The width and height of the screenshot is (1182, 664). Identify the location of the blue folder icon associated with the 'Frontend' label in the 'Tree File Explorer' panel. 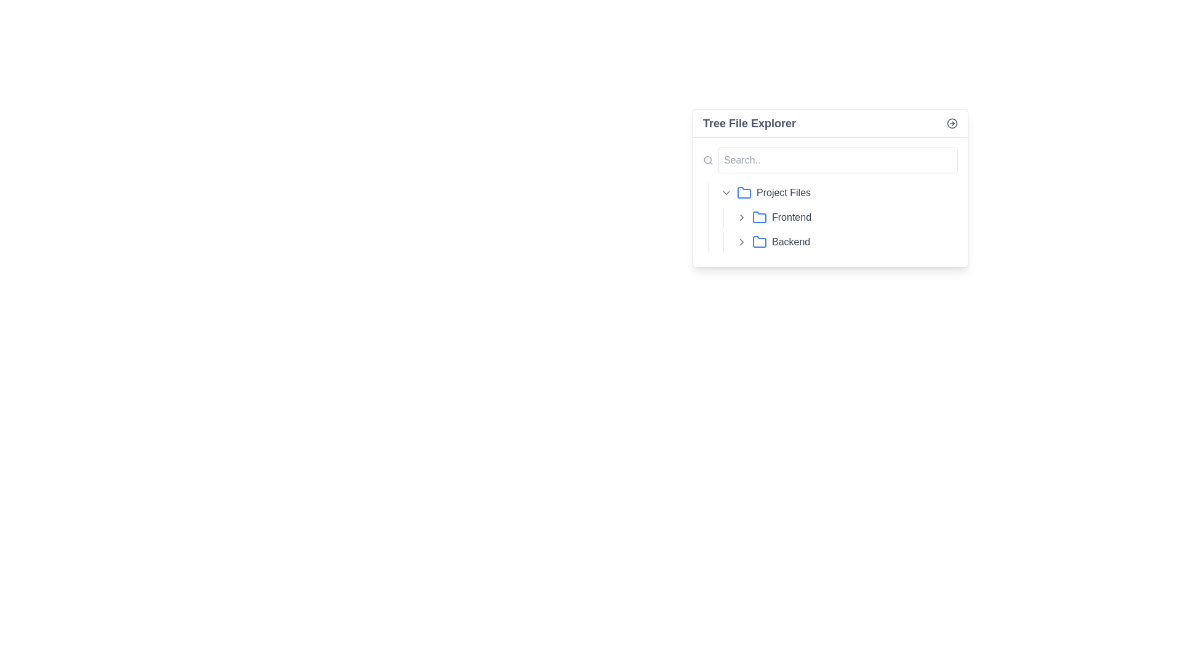
(758, 216).